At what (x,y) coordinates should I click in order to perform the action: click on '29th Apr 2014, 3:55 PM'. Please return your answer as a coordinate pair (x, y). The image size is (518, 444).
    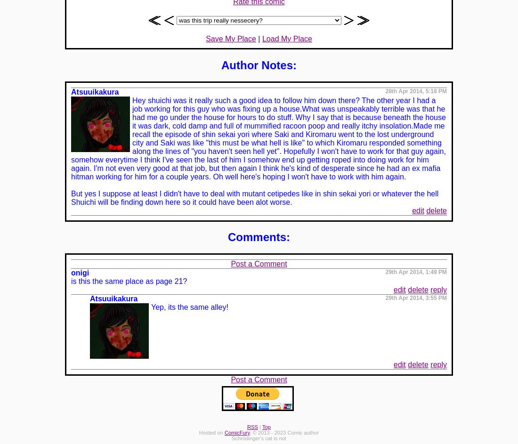
    Looking at the image, I should click on (415, 298).